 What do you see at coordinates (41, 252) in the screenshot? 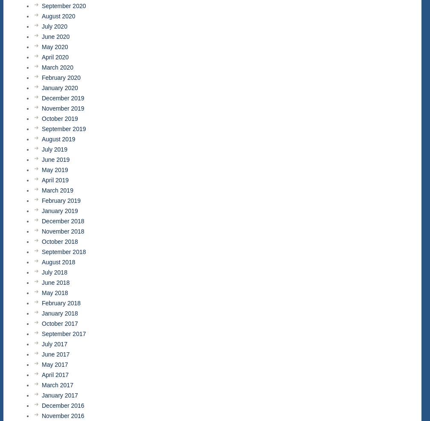
I see `'September 2018'` at bounding box center [41, 252].